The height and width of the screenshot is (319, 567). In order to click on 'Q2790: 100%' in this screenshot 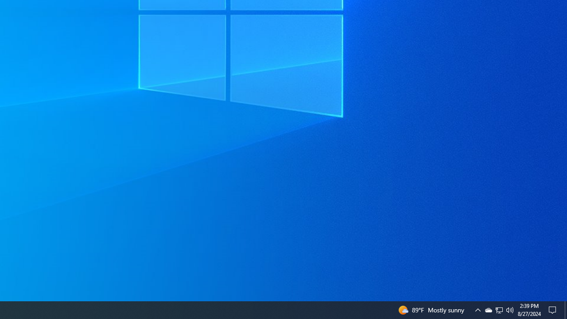, I will do `click(510, 309)`.